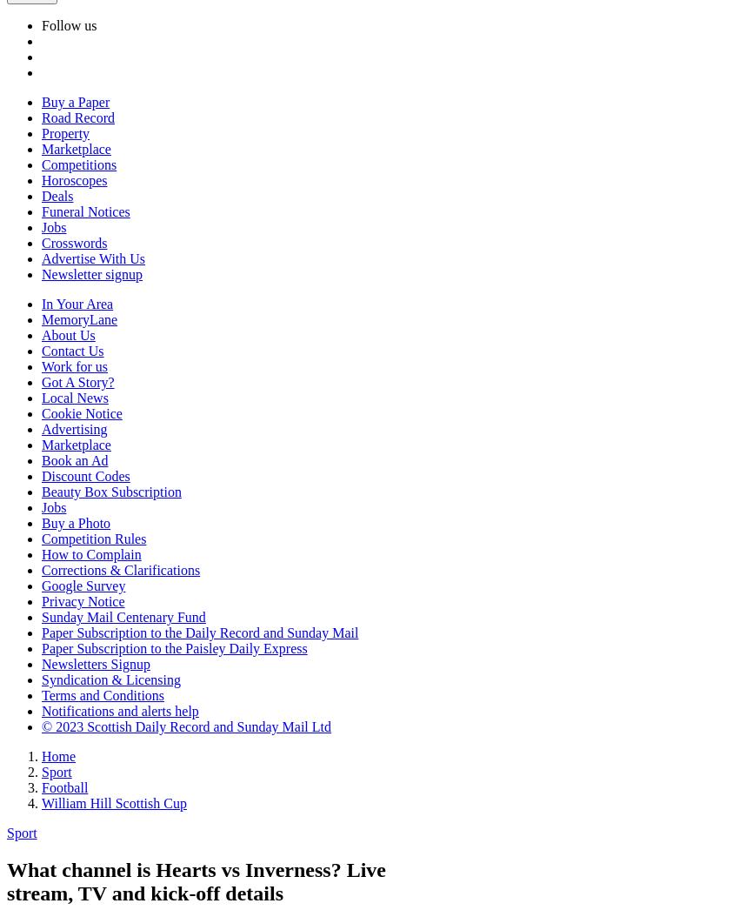  Describe the element at coordinates (186, 726) in the screenshot. I see `'© 2023 Scottish Daily Record and Sunday Mail Ltd'` at that location.